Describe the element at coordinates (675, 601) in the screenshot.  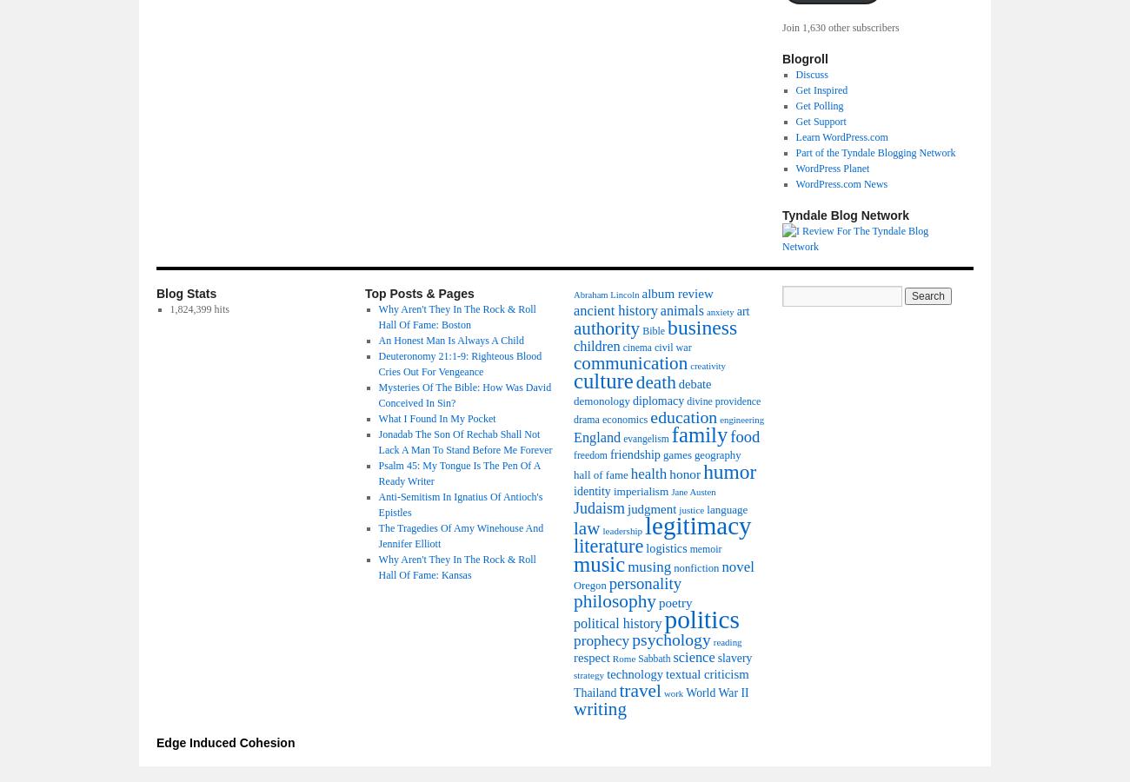
I see `'poetry'` at that location.